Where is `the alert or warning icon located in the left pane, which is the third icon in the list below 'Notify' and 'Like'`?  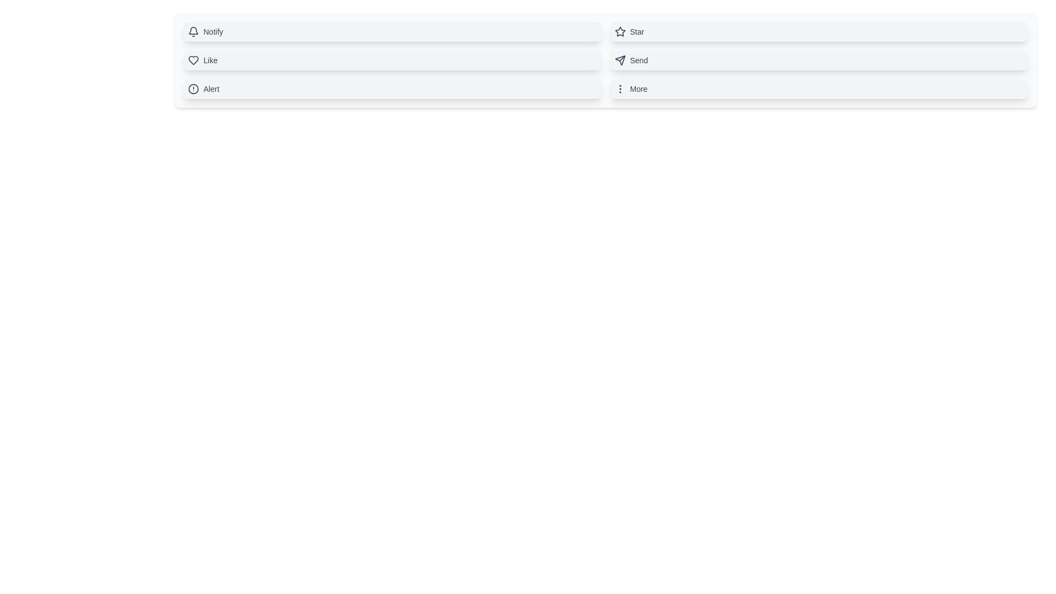
the alert or warning icon located in the left pane, which is the third icon in the list below 'Notify' and 'Like' is located at coordinates (193, 89).